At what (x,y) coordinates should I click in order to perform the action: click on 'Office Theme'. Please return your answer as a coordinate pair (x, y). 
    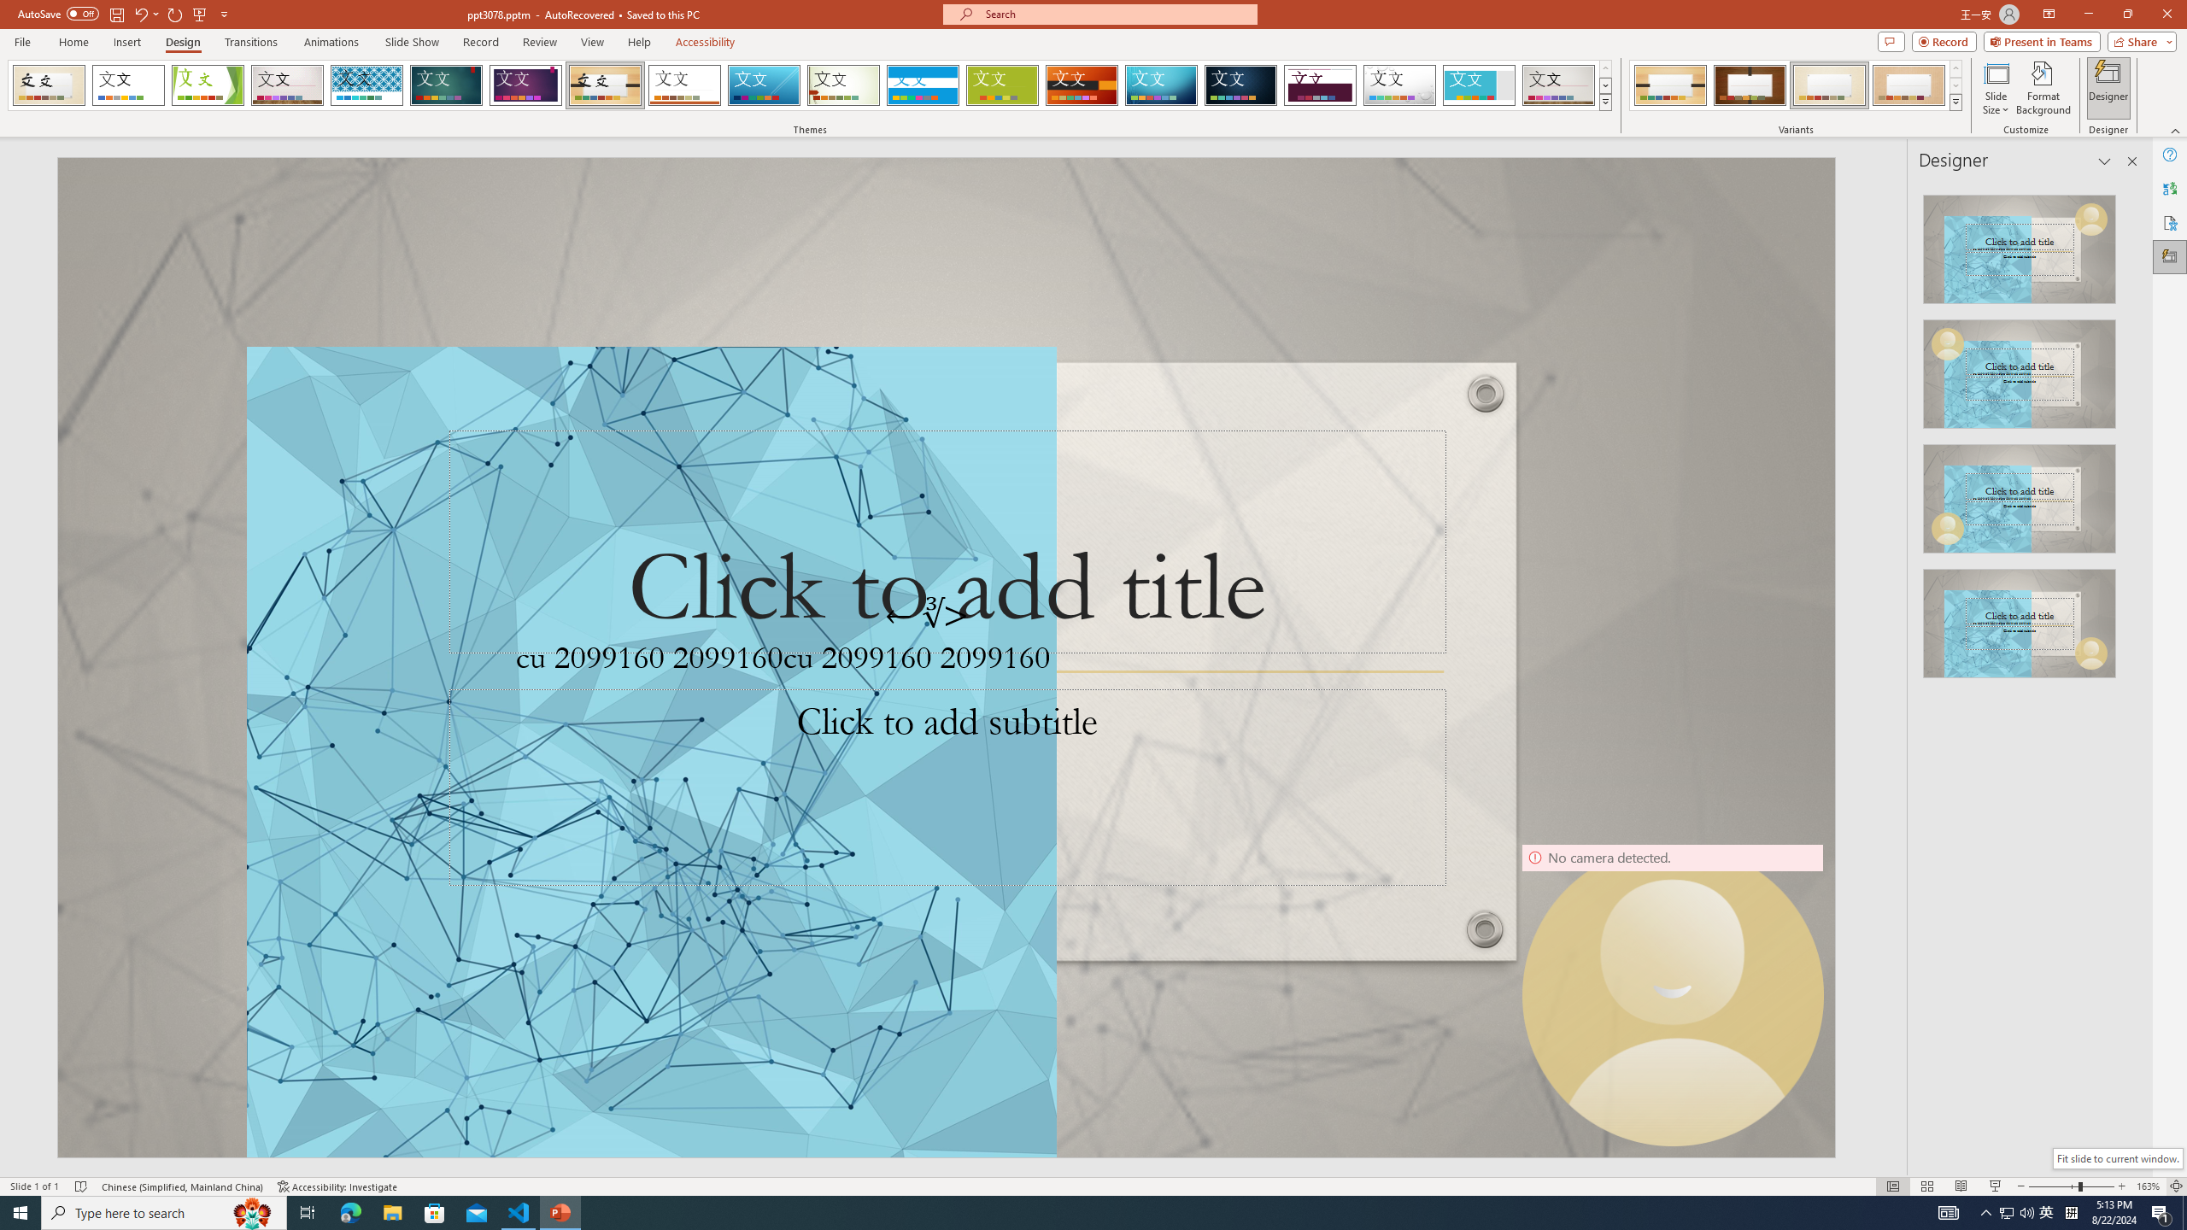
    Looking at the image, I should click on (128, 85).